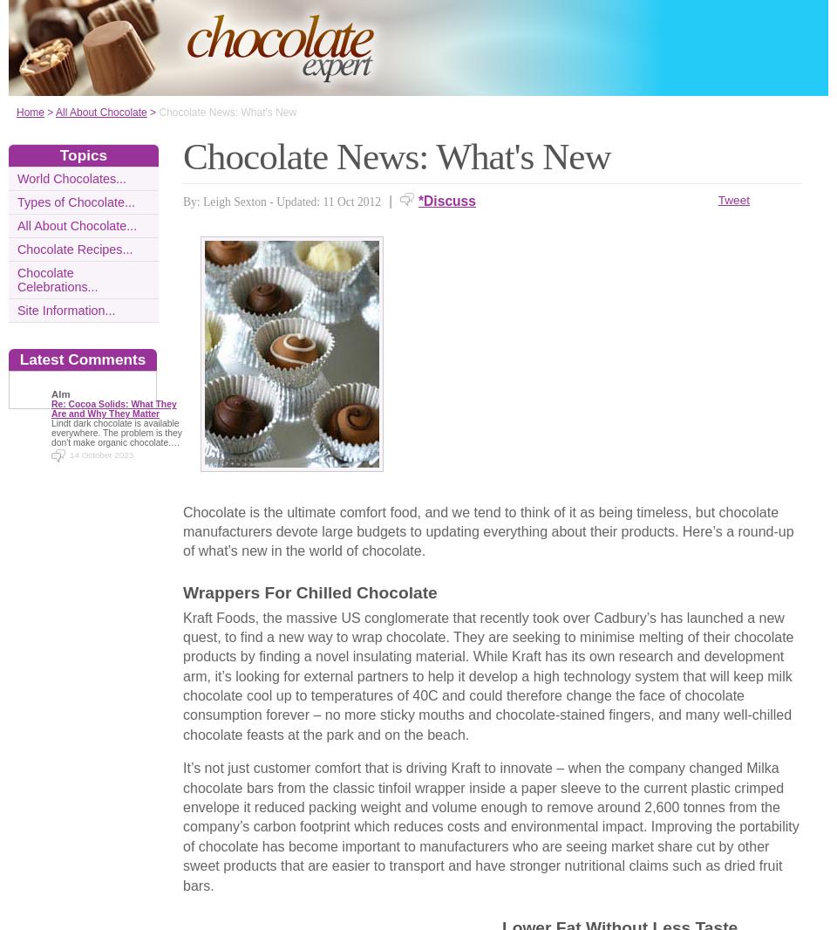 The width and height of the screenshot is (837, 930). Describe the element at coordinates (30, 111) in the screenshot. I see `'Home'` at that location.